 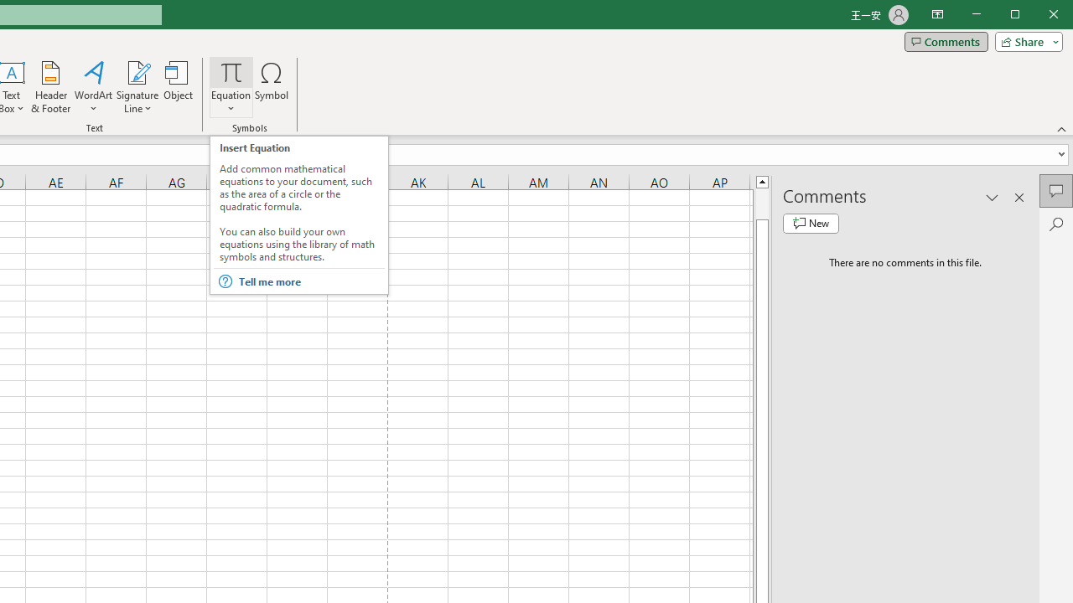 What do you see at coordinates (50, 87) in the screenshot?
I see `'Header & Footer...'` at bounding box center [50, 87].